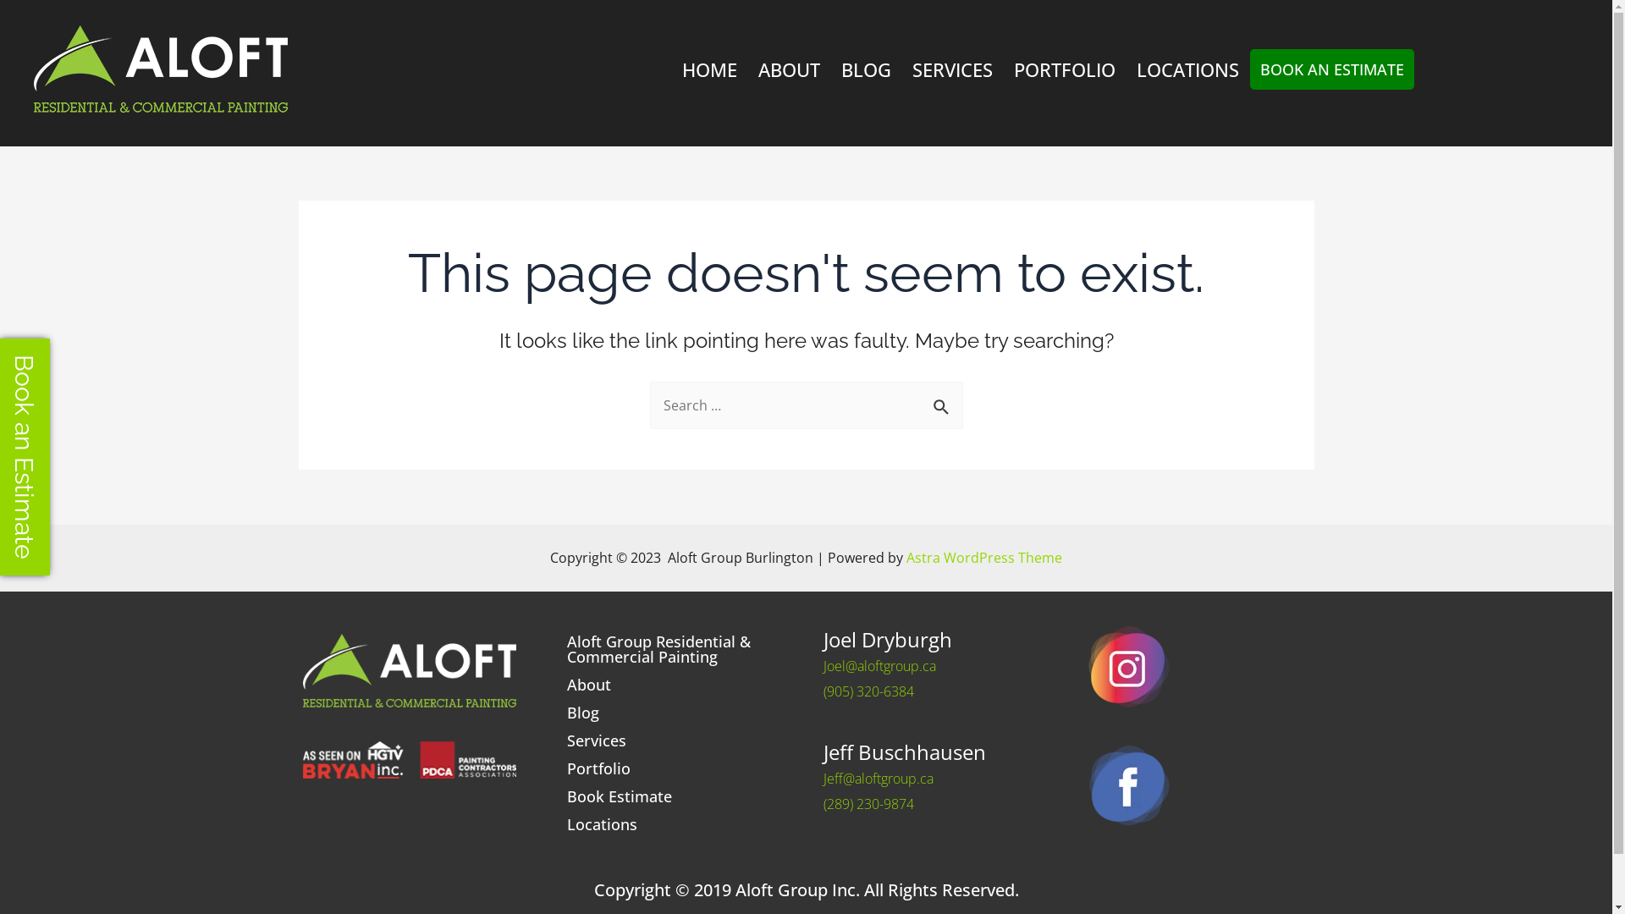 The height and width of the screenshot is (914, 1625). I want to click on 'Book Estimate', so click(673, 796).